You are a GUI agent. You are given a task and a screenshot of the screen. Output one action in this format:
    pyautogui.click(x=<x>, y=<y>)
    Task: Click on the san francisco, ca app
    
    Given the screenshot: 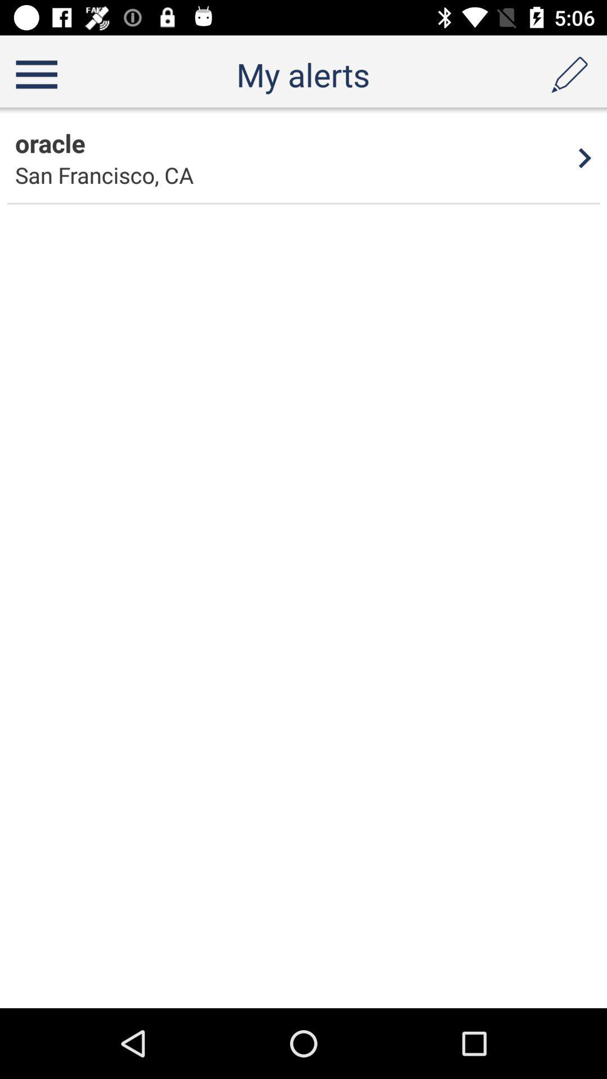 What is the action you would take?
    pyautogui.click(x=104, y=174)
    